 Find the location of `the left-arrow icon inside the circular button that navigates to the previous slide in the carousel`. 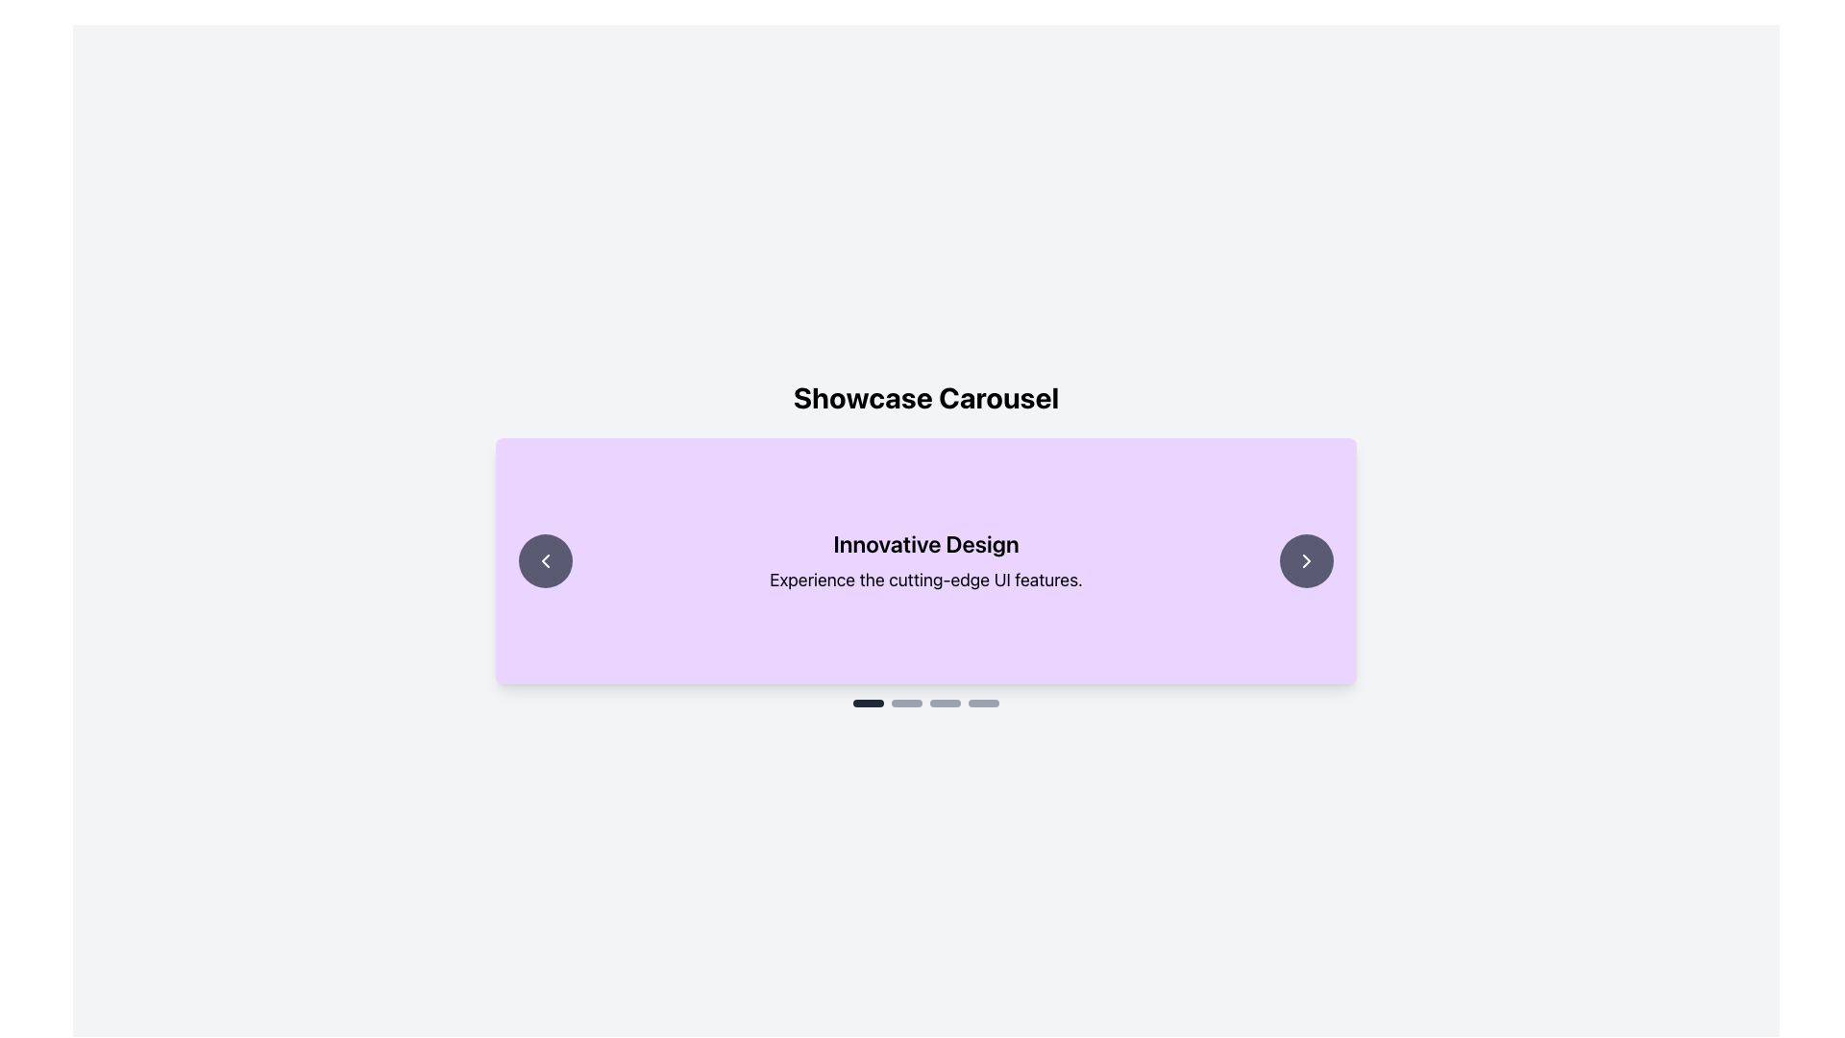

the left-arrow icon inside the circular button that navigates to the previous slide in the carousel is located at coordinates (544, 560).